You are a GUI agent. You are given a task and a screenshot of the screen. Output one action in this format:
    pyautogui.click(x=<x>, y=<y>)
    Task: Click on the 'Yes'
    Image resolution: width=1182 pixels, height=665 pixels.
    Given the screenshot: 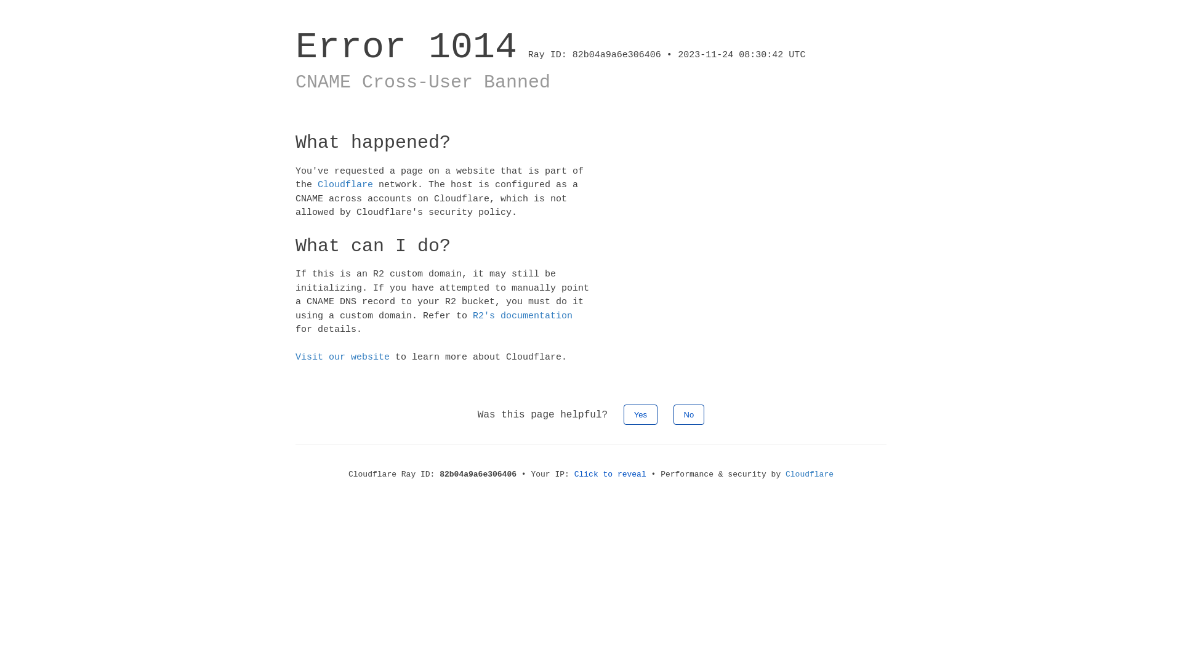 What is the action you would take?
    pyautogui.click(x=623, y=414)
    